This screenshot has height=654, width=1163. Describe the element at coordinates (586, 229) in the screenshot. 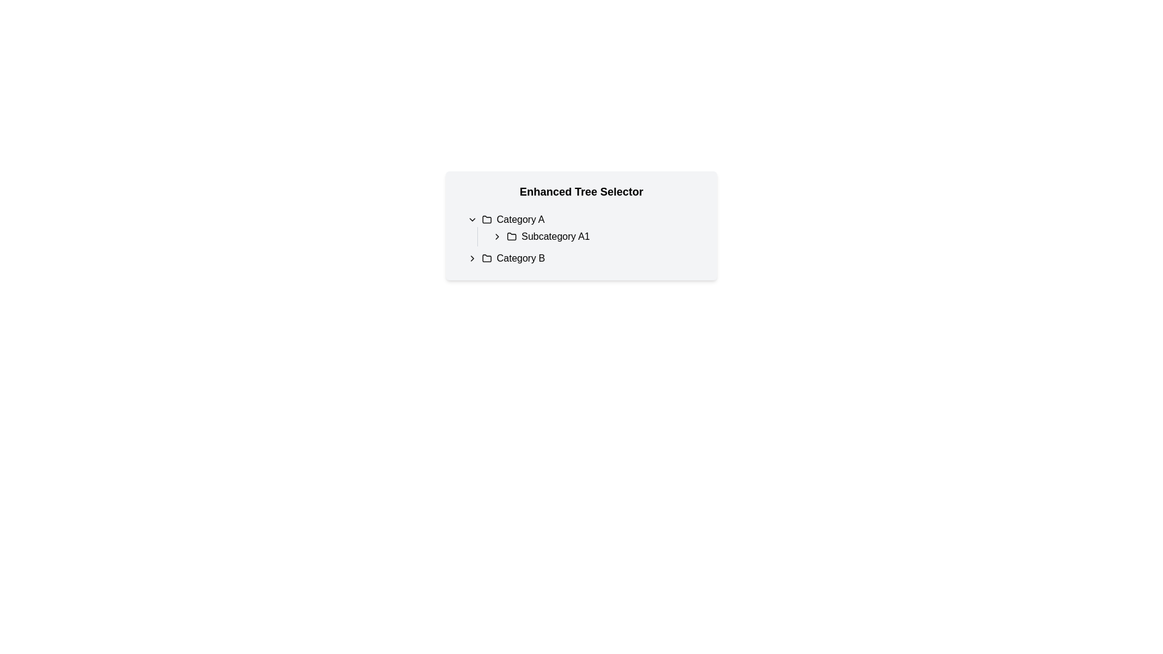

I see `the 'Subcategory A1' text label in the tree navigator` at that location.